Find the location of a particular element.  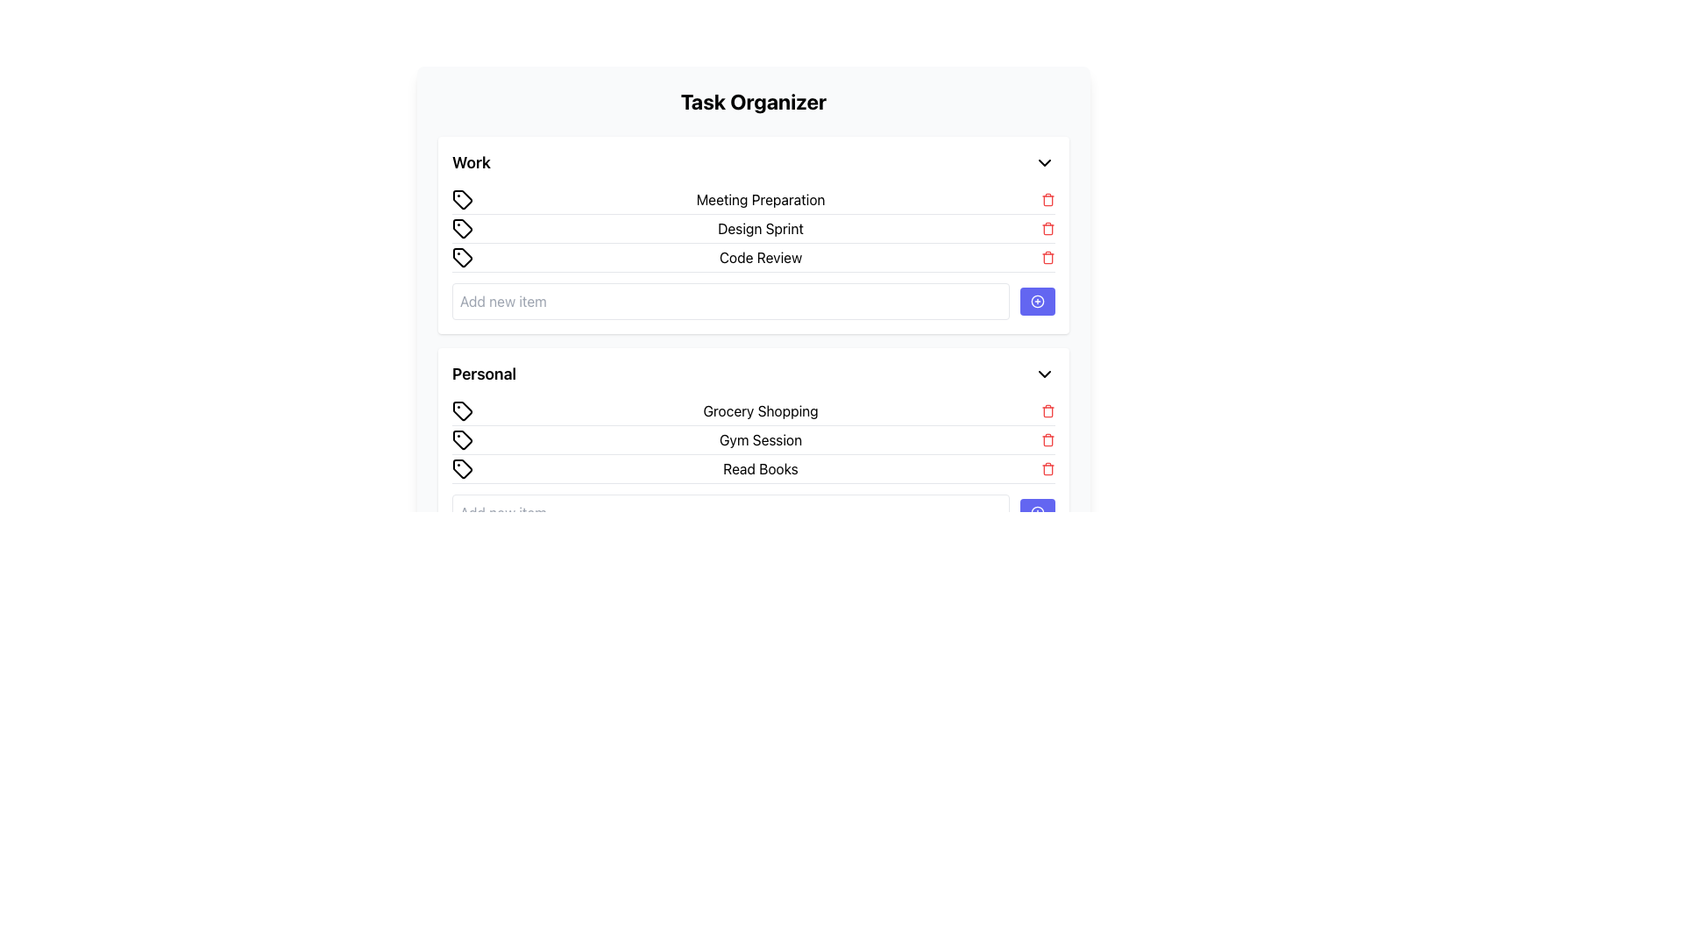

text of the second Text Label in the 'Personal' task list, located between 'Grocery Shopping' and 'Read Books' is located at coordinates (761, 438).